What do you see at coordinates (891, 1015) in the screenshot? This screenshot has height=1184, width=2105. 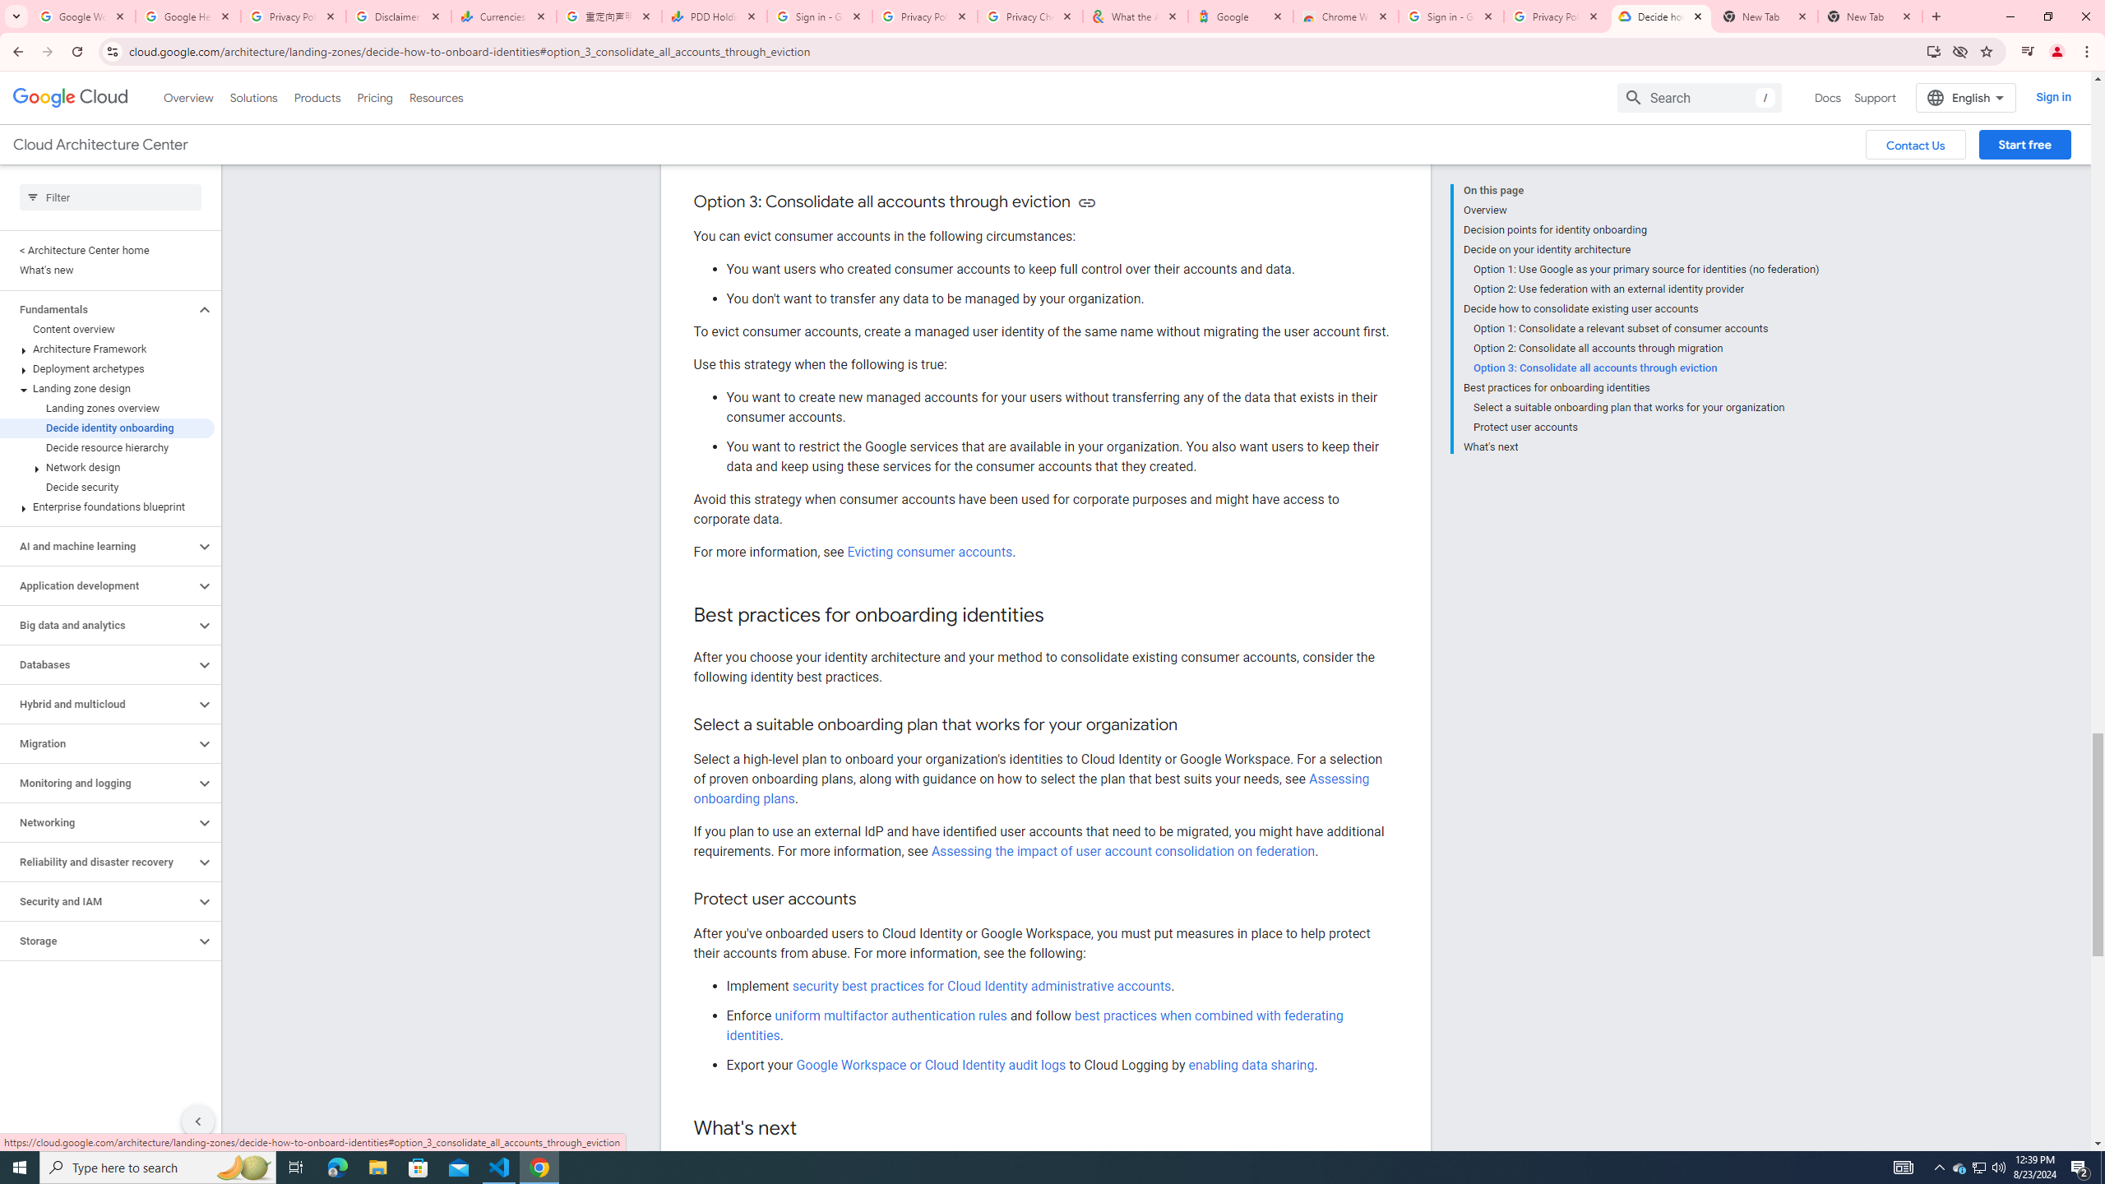 I see `'uniform multifactor authentication rules '` at bounding box center [891, 1015].